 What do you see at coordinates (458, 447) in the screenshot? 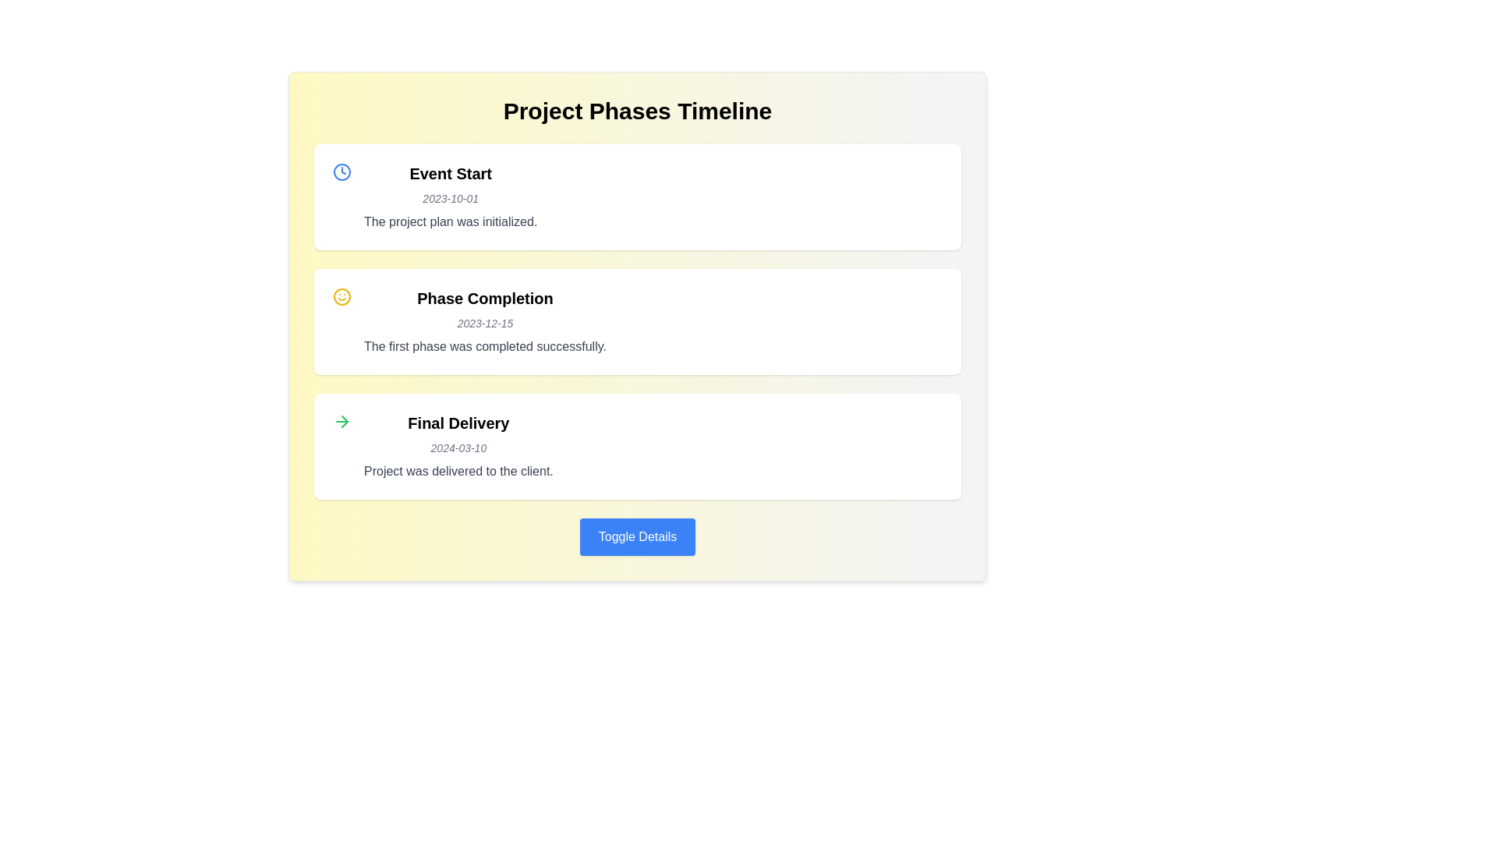
I see `the Information Block displaying the project delivery milestone with the header 'Final Delivery', which includes the date '2024-03-10' and the description 'Project was delivered to the client.'` at bounding box center [458, 447].